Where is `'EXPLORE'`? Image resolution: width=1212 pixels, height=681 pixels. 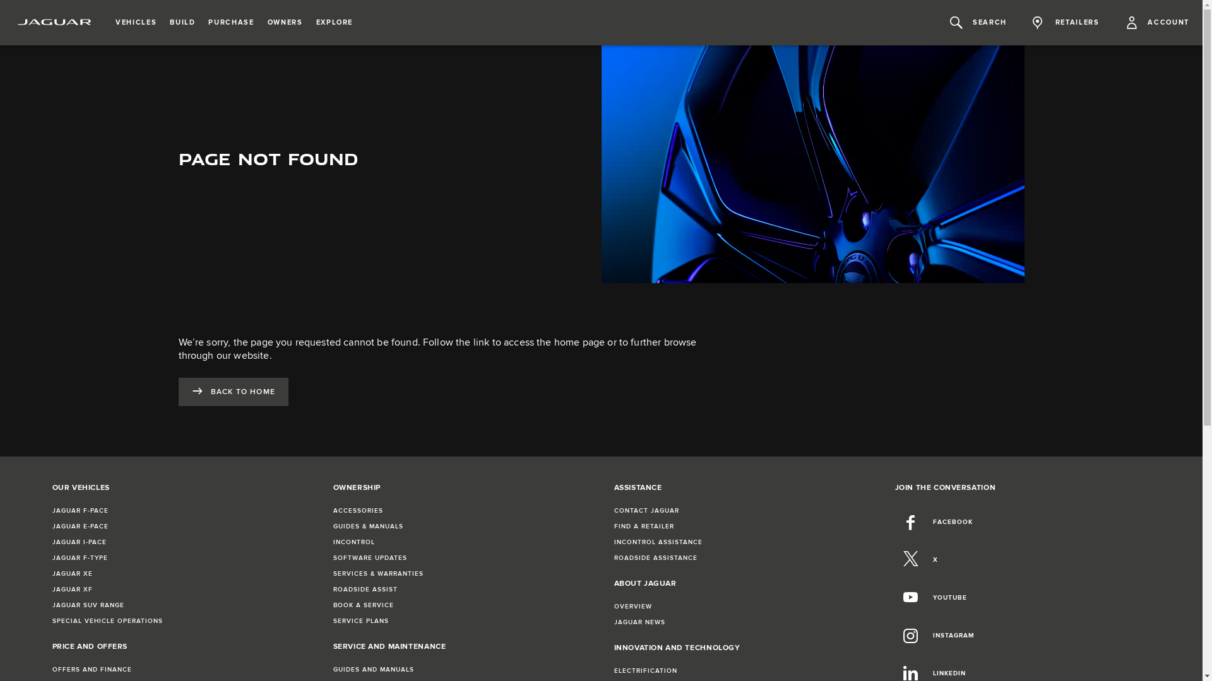
'EXPLORE' is located at coordinates (335, 22).